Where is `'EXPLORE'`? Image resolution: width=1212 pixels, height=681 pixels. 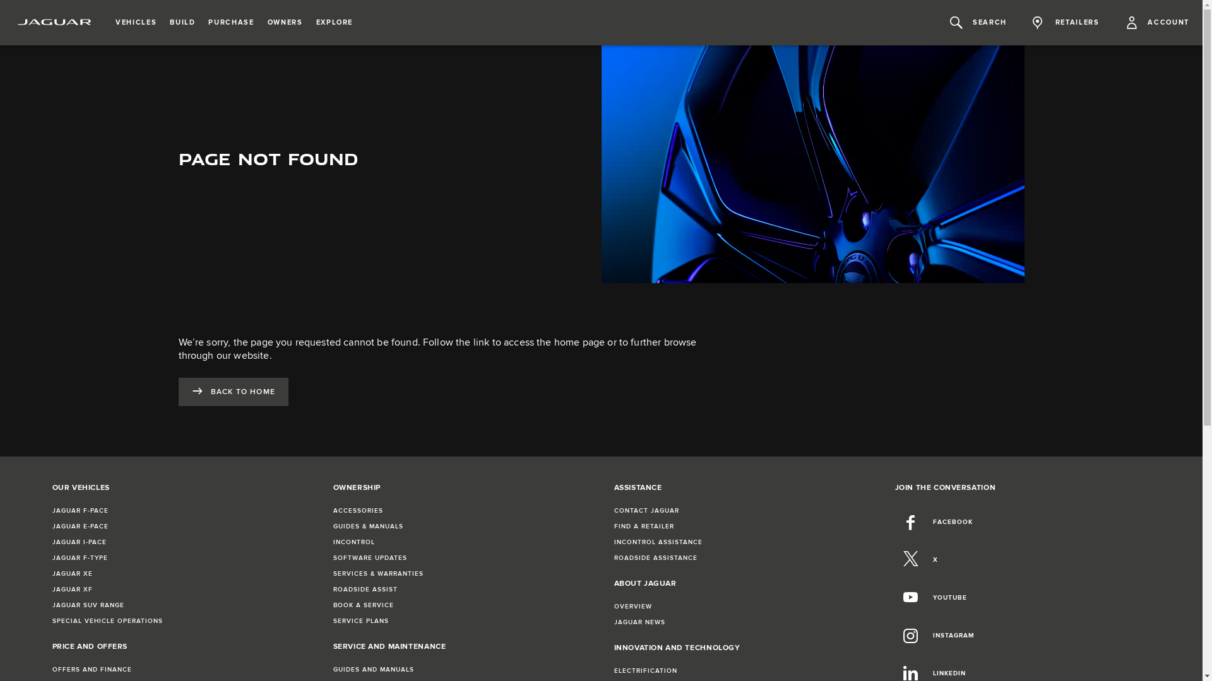
'EXPLORE' is located at coordinates (335, 22).